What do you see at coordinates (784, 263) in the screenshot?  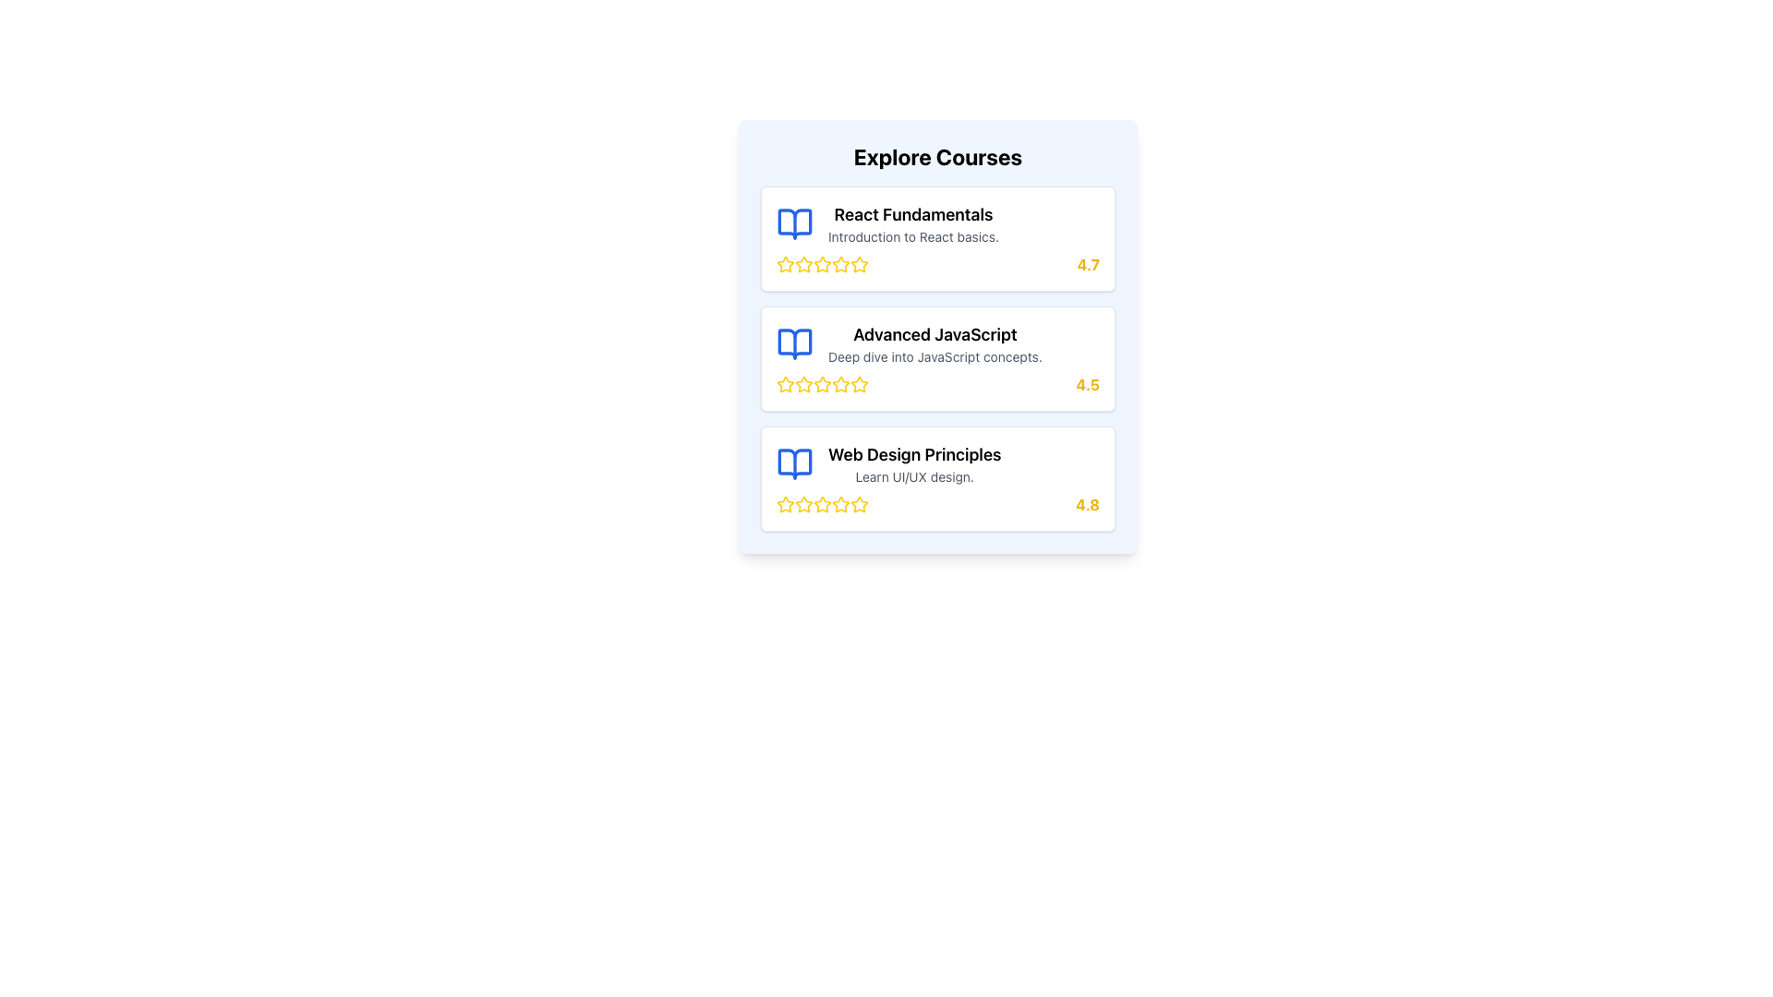 I see `the first unfilled star icon in the rating section under the course 'React Fundamentals'` at bounding box center [784, 263].